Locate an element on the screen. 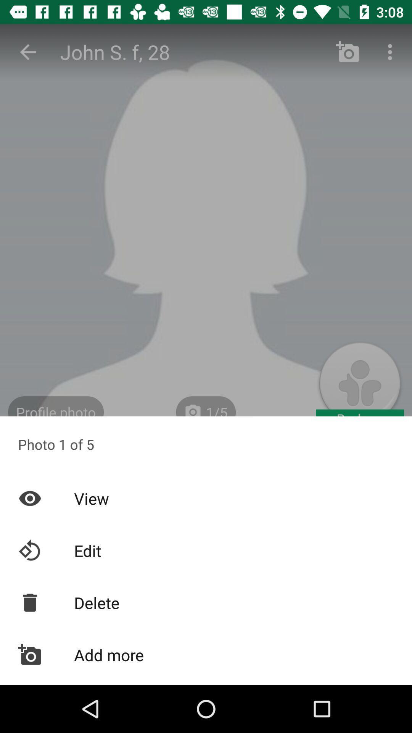 The image size is (412, 733). the item below the view item is located at coordinates (206, 551).